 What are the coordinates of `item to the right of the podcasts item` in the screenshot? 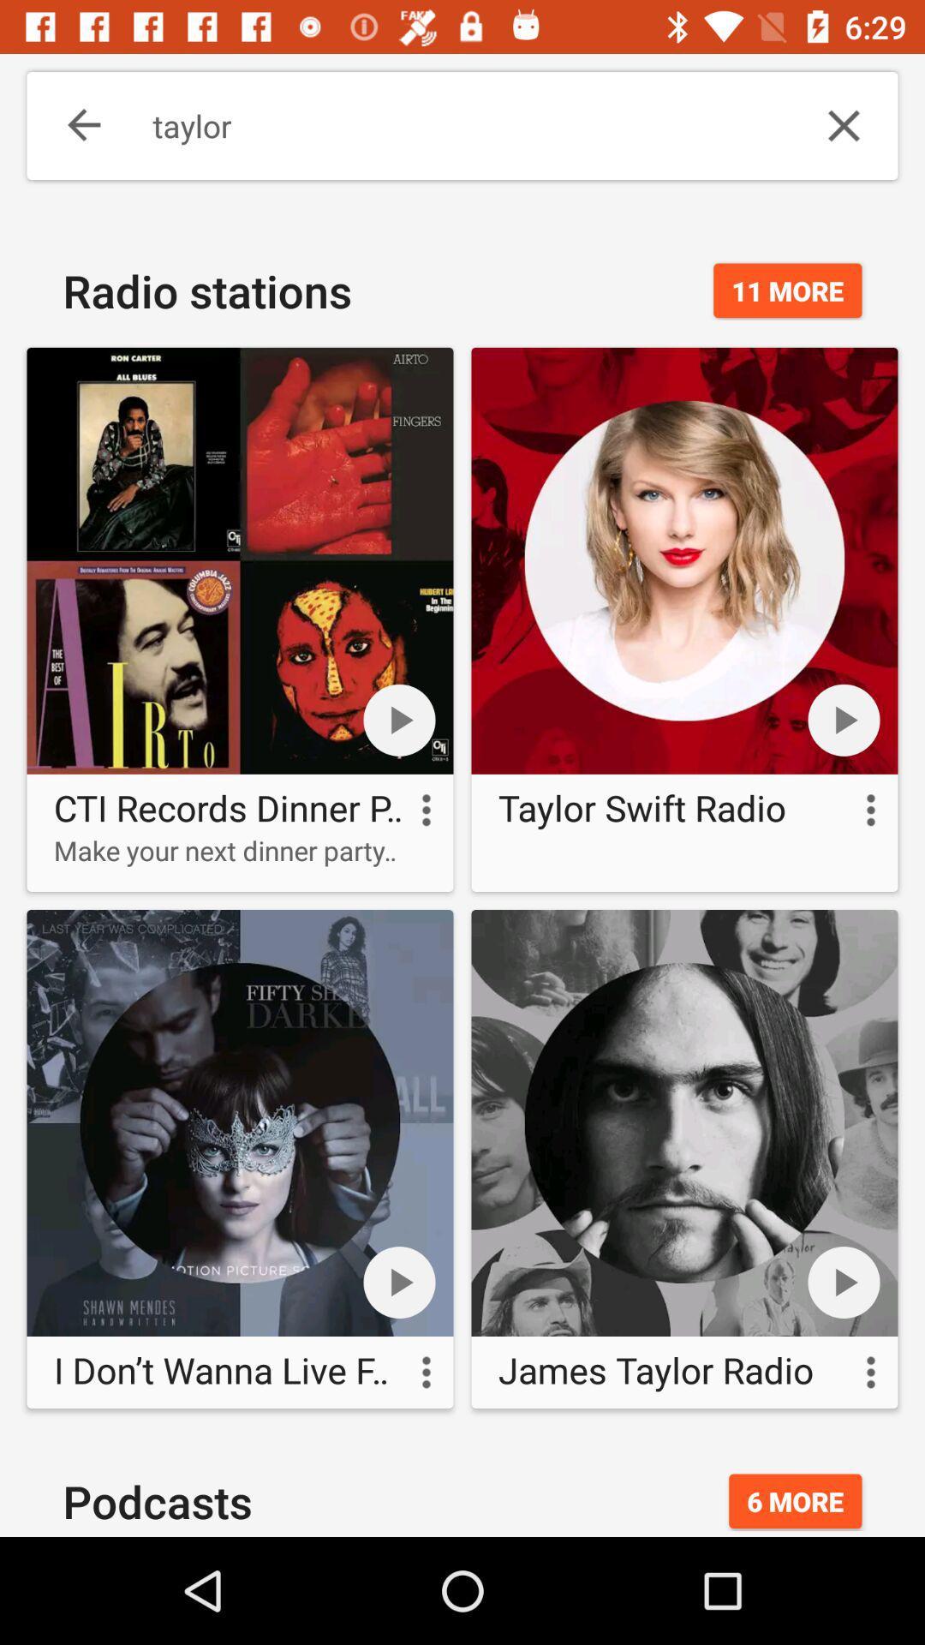 It's located at (795, 1500).